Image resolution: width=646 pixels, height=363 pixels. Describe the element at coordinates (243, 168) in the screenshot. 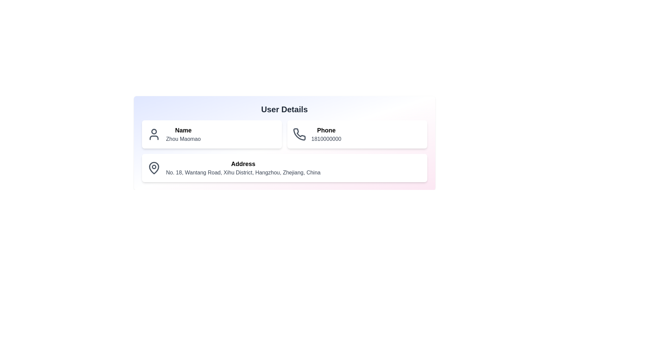

I see `the static text label element that displays address information, located in the bottom-left section of the interface within a card below the 'Name' and 'Phone' cards` at that location.